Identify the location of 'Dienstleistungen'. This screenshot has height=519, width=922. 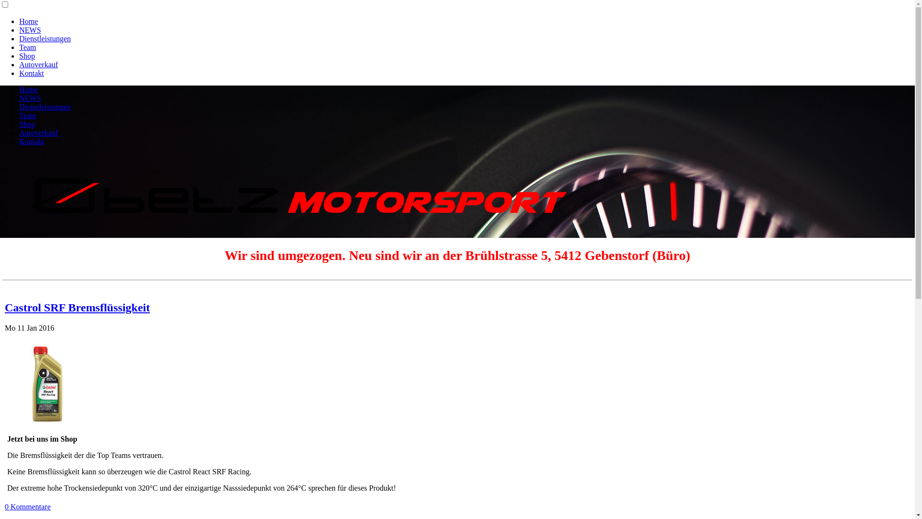
(45, 107).